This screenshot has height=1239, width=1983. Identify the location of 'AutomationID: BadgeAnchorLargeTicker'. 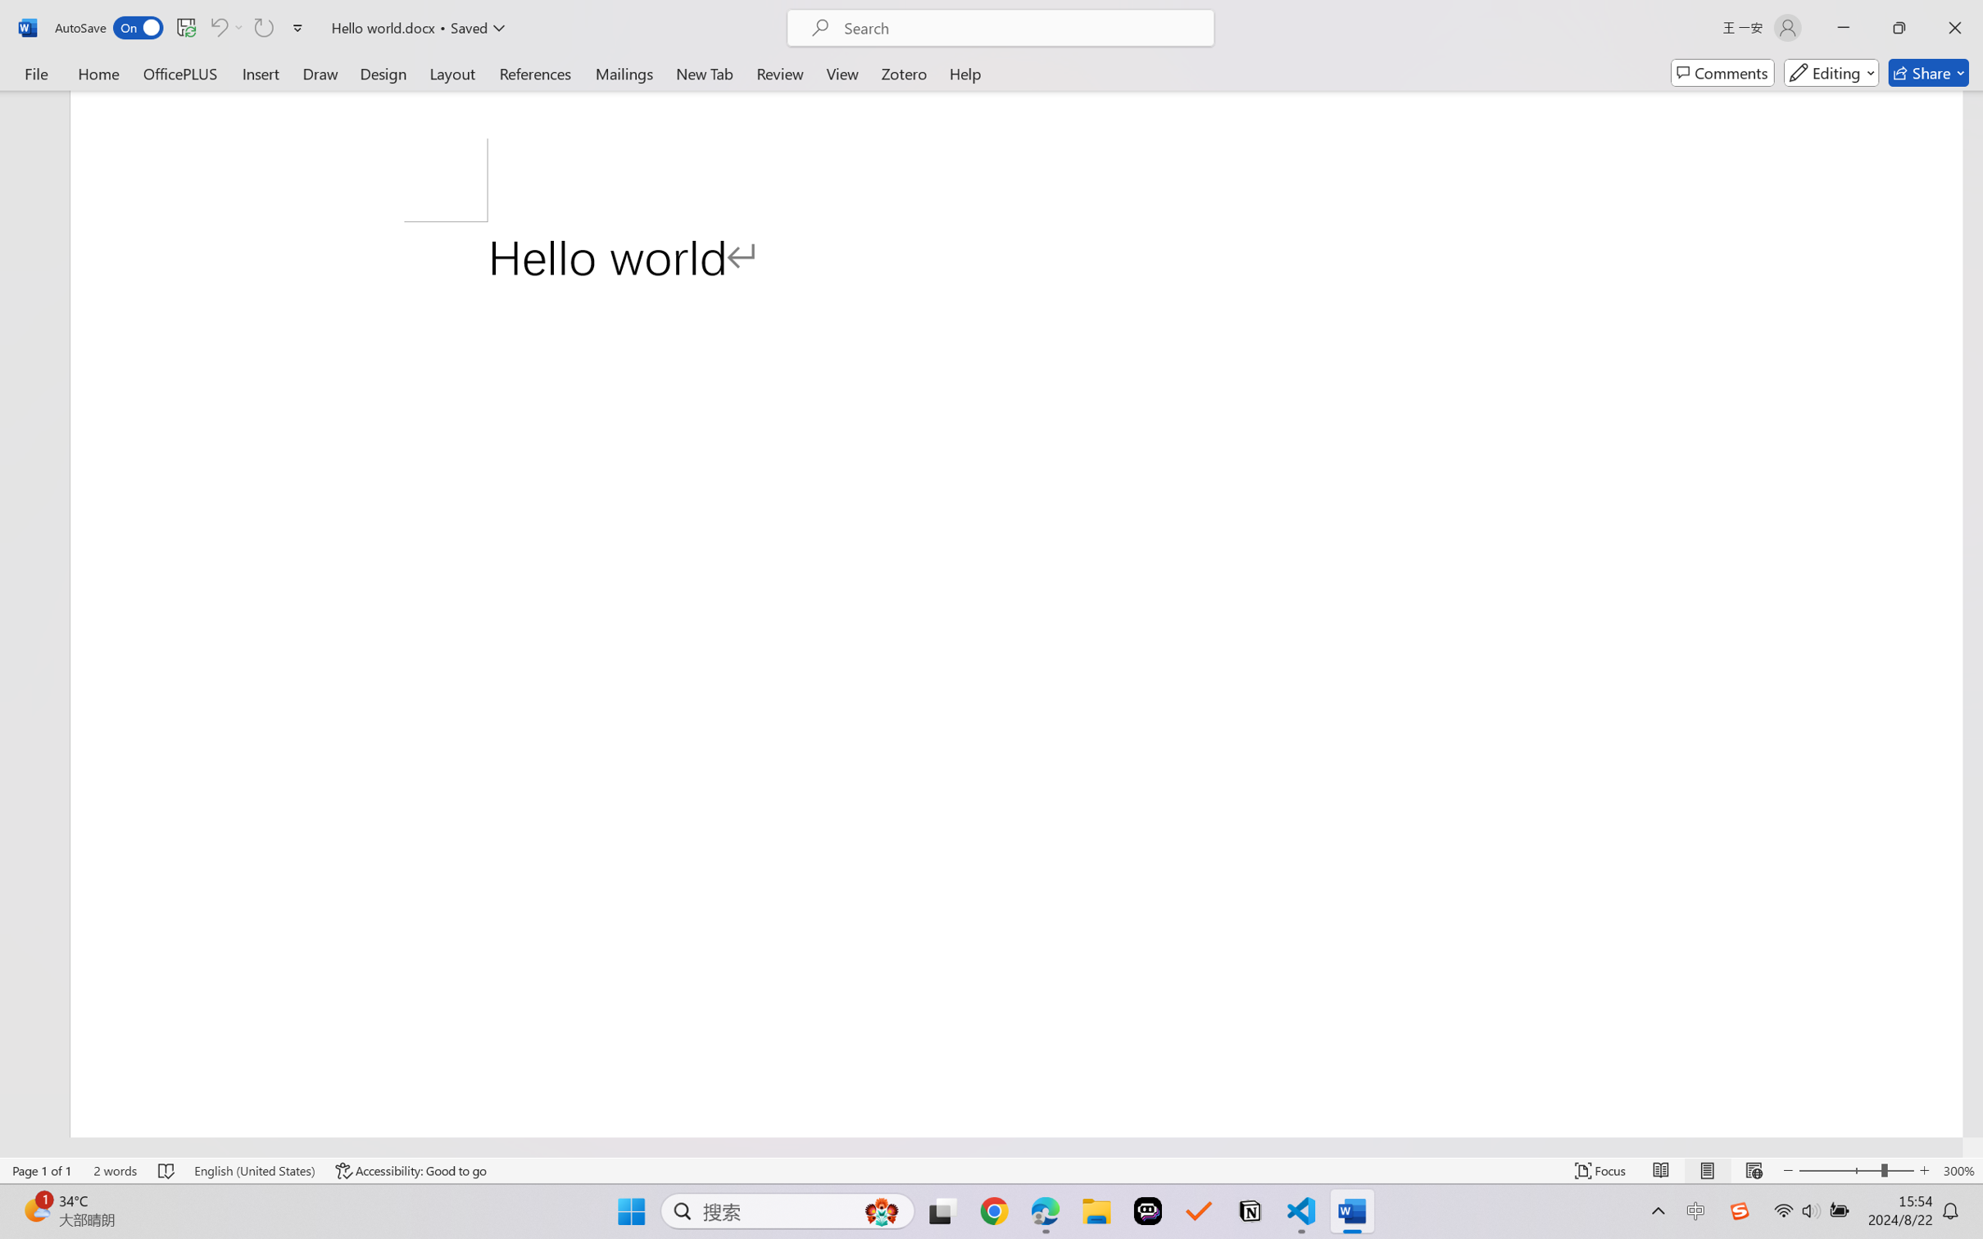
(35, 1209).